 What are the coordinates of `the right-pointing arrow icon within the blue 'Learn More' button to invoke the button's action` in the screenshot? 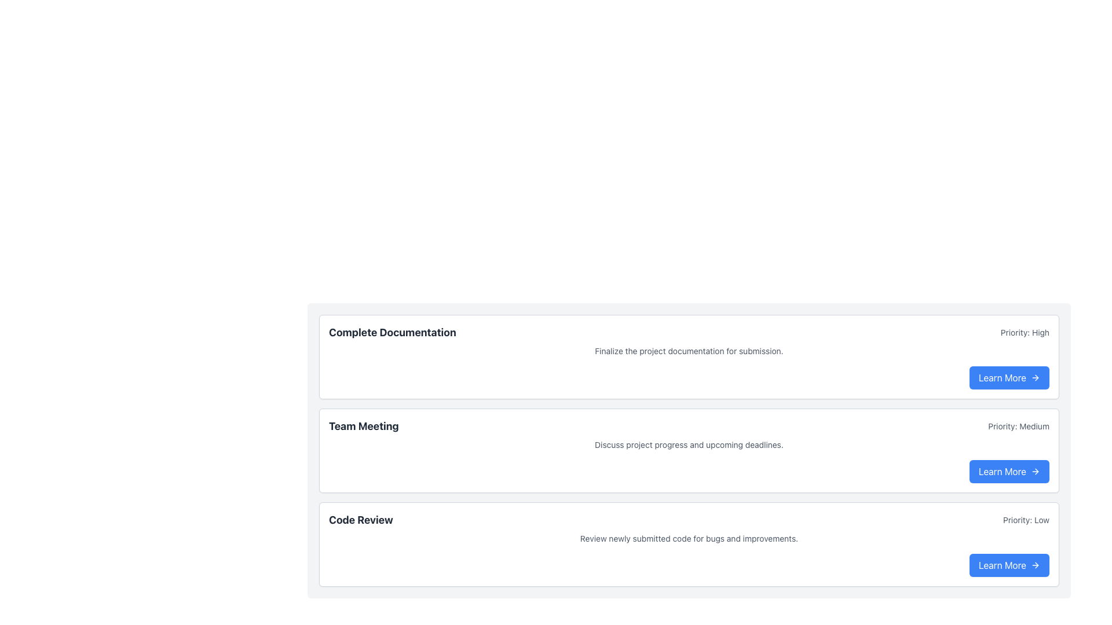 It's located at (1036, 564).